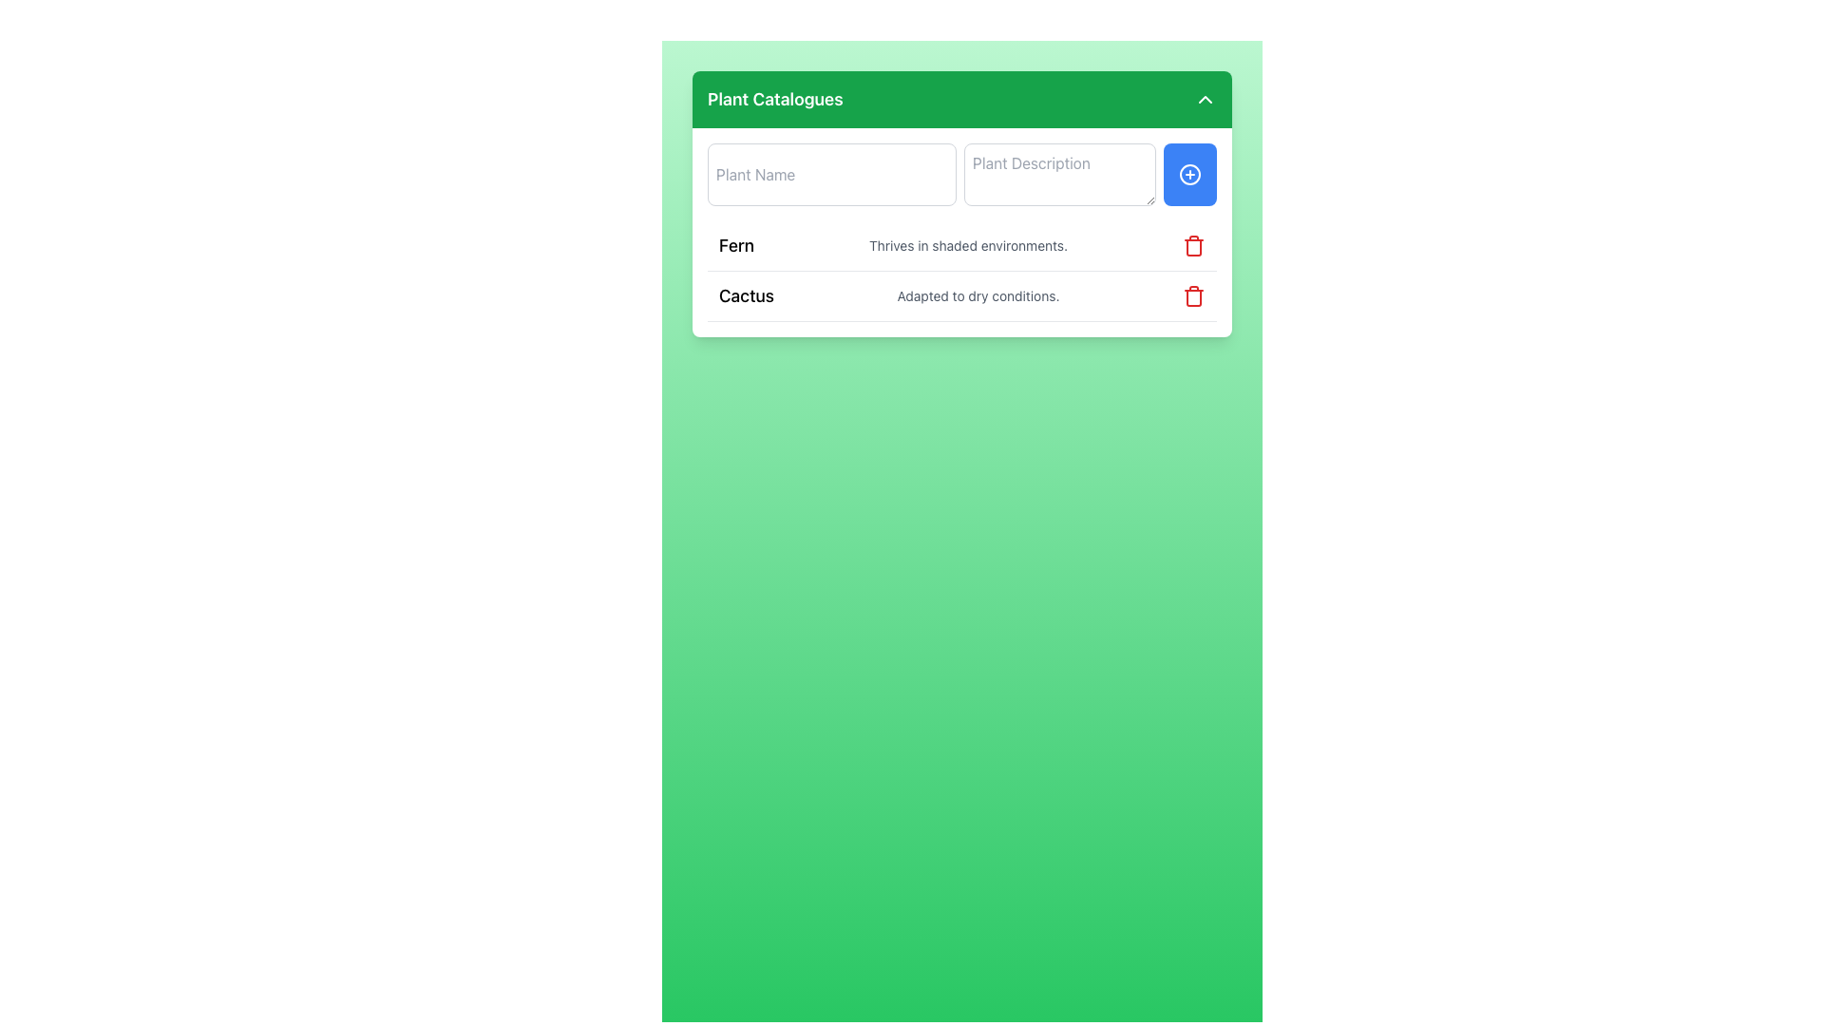  What do you see at coordinates (1188, 175) in the screenshot?
I see `the circular icon button with a '+' symbol inside, located next to the 'Plant Description' text input field` at bounding box center [1188, 175].